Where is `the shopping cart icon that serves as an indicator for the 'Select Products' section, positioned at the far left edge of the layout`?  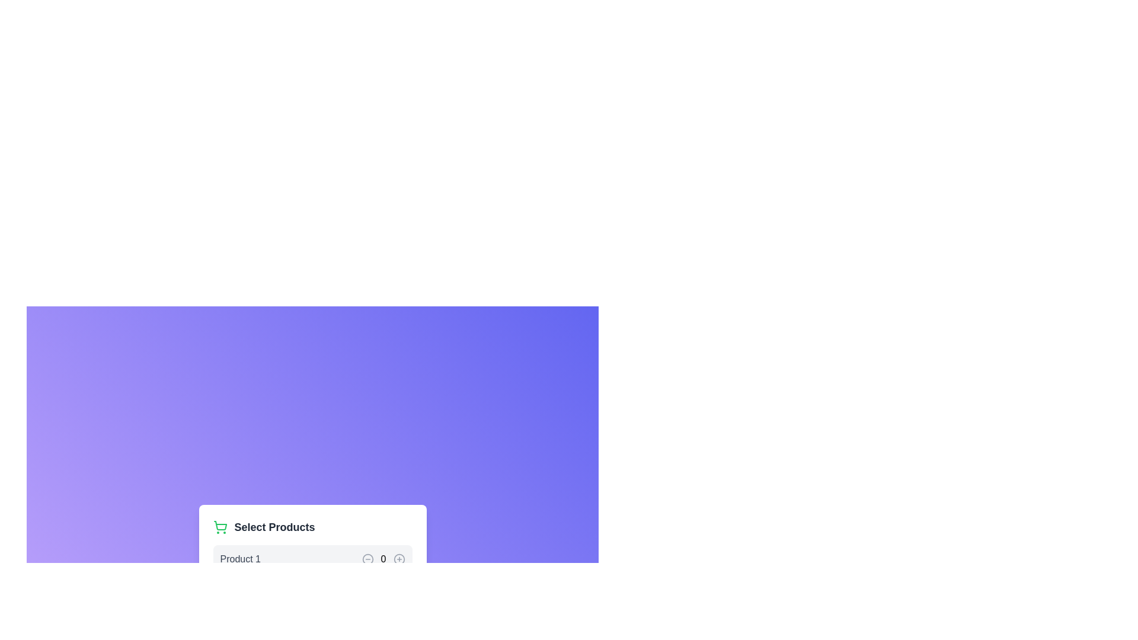 the shopping cart icon that serves as an indicator for the 'Select Products' section, positioned at the far left edge of the layout is located at coordinates (220, 527).